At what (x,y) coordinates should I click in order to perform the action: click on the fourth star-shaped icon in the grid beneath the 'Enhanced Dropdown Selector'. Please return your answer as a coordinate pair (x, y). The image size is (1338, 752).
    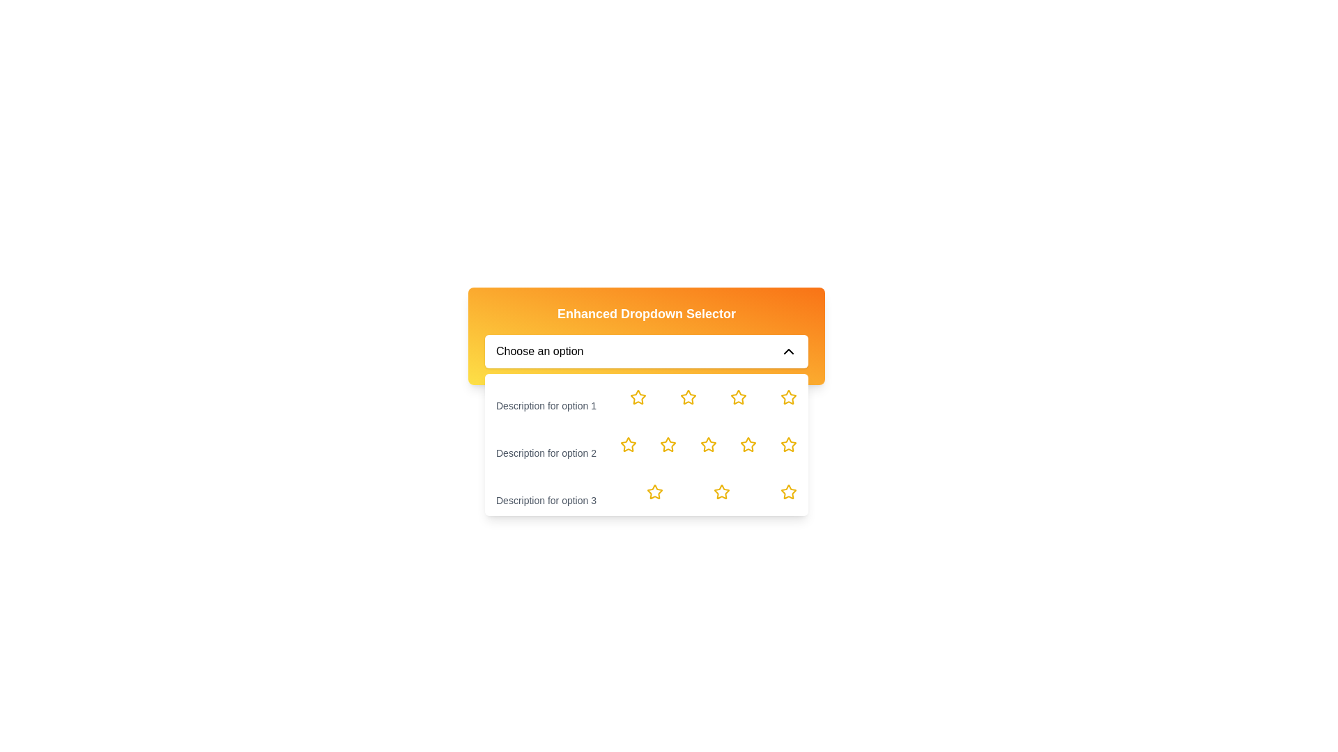
    Looking at the image, I should click on (748, 444).